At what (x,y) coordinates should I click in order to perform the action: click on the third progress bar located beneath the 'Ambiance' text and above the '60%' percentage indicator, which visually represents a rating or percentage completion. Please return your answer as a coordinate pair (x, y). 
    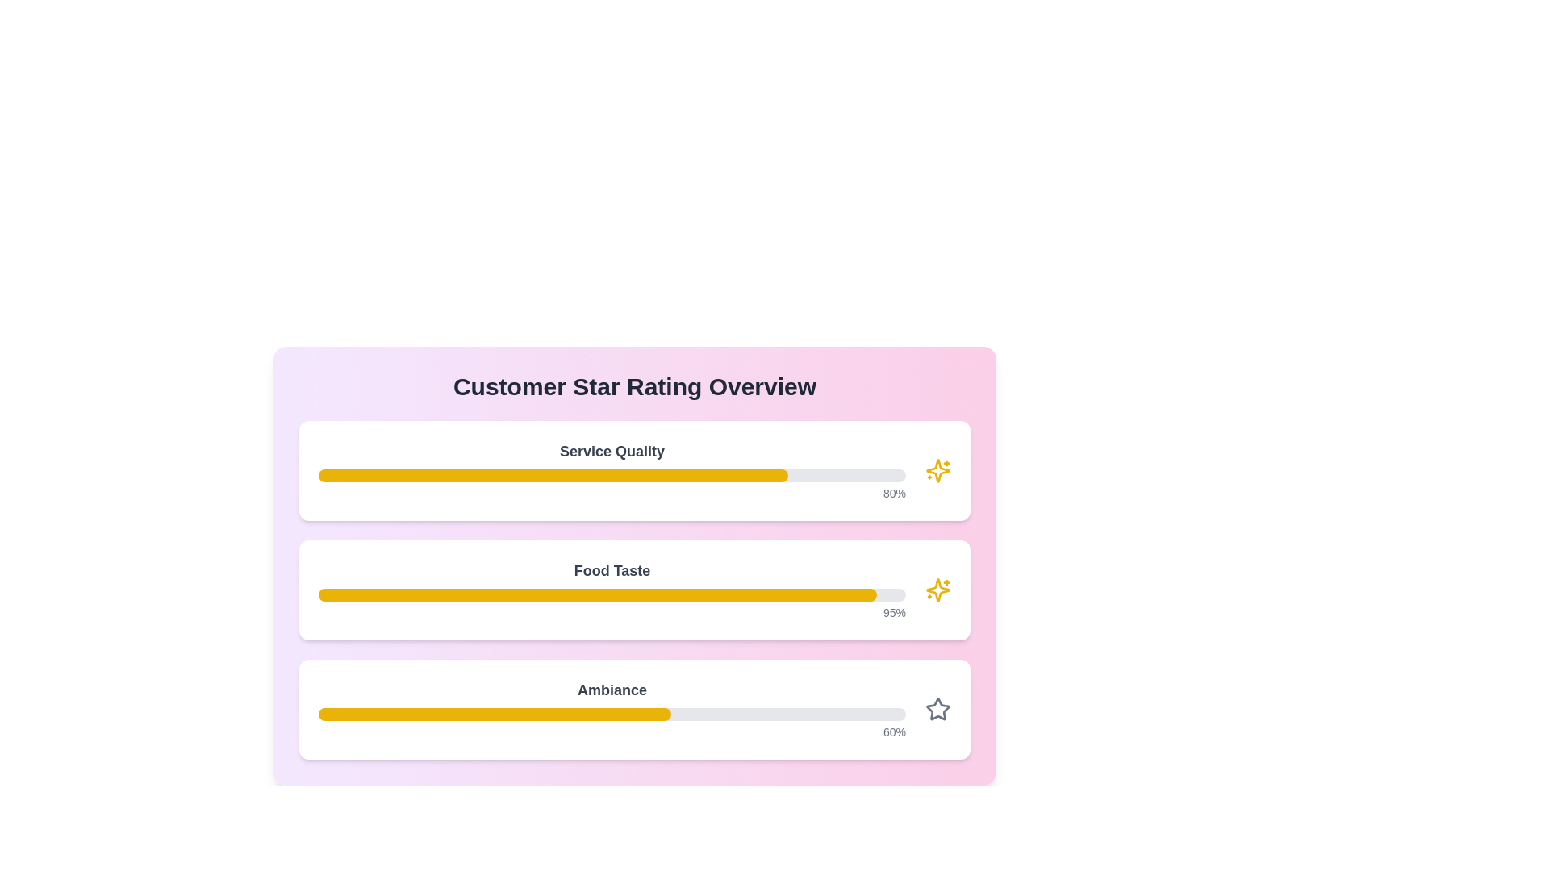
    Looking at the image, I should click on (611, 714).